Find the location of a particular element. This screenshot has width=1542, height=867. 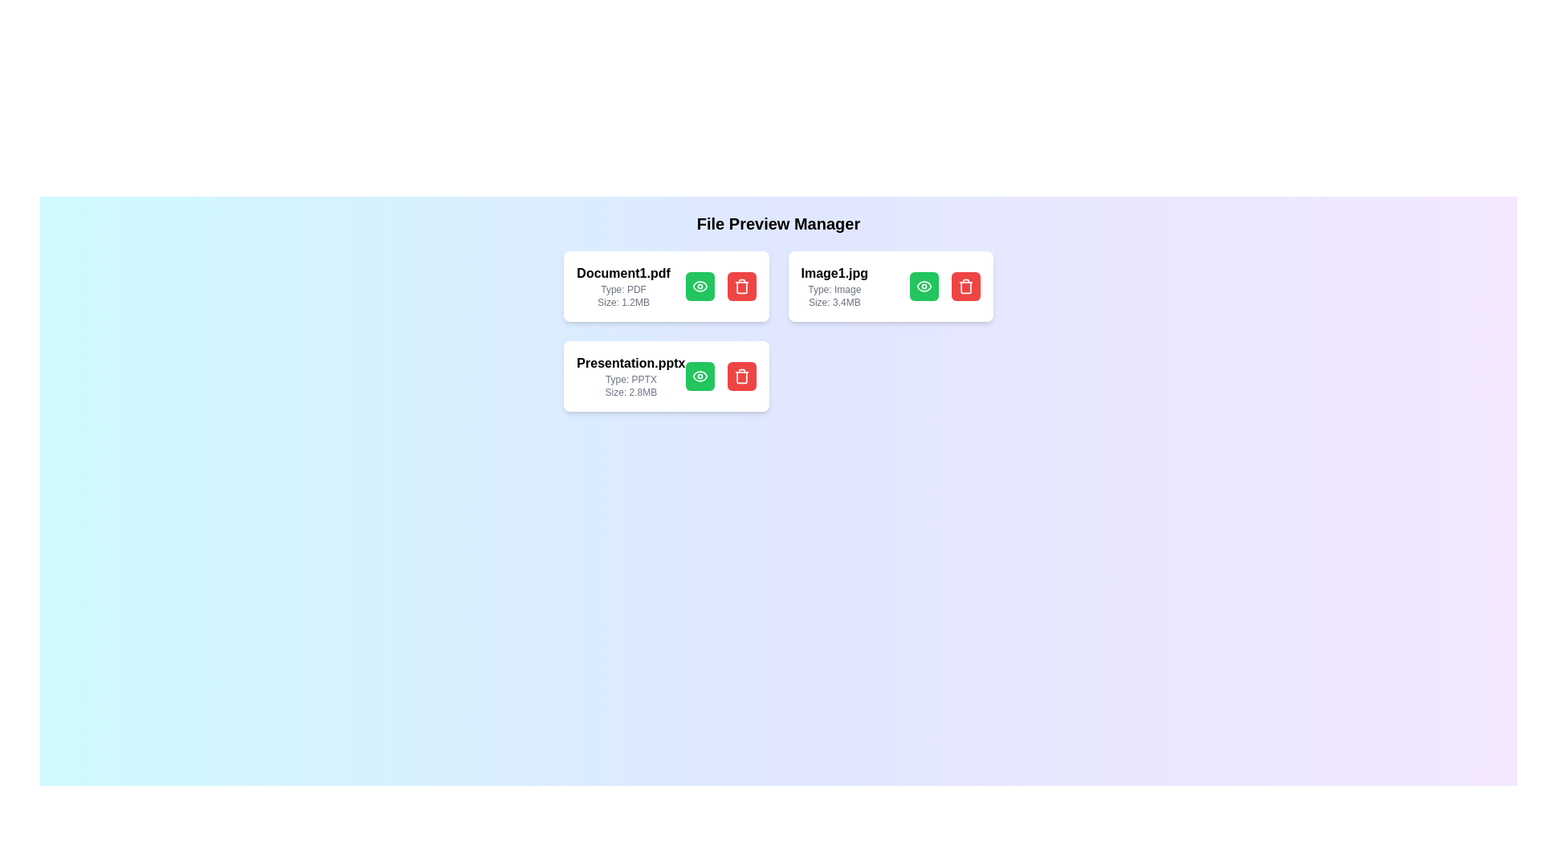

the preview action icon located inside the green button to the left of the red delete button for the file 'Image1.jpg' is located at coordinates (924, 286).